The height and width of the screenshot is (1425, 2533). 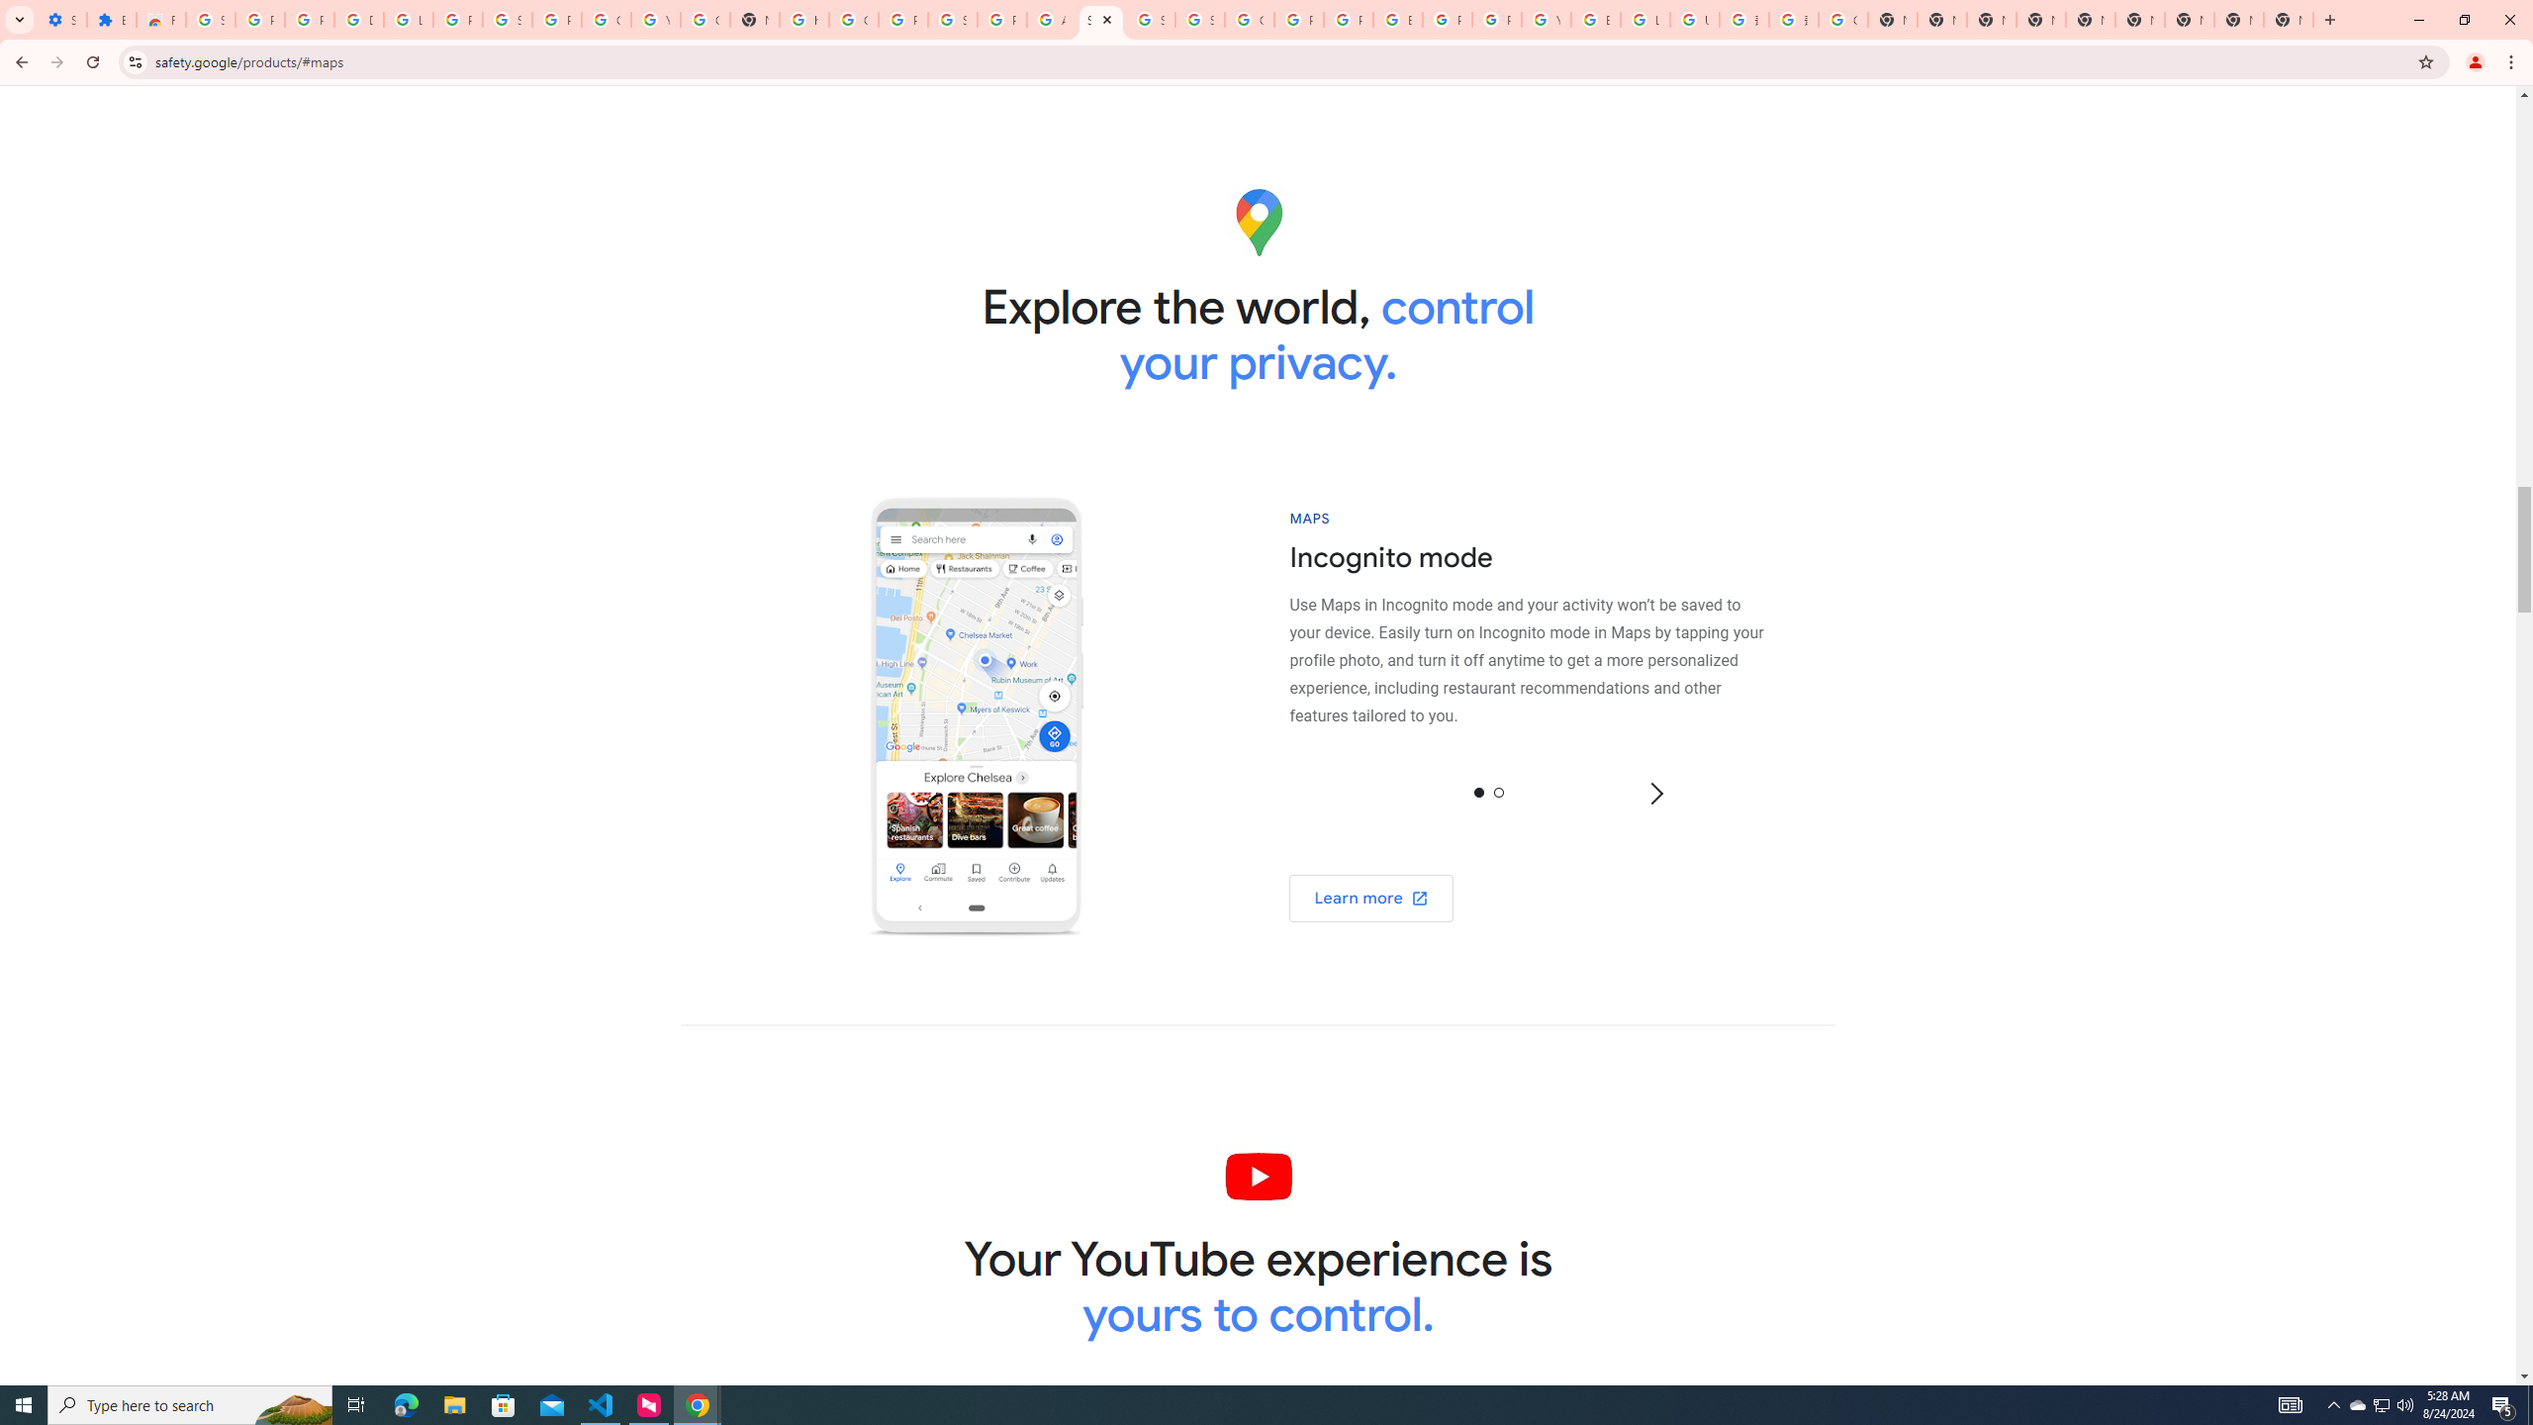 I want to click on 'Safety in Our Products - Google Safety Center', so click(x=1100, y=19).